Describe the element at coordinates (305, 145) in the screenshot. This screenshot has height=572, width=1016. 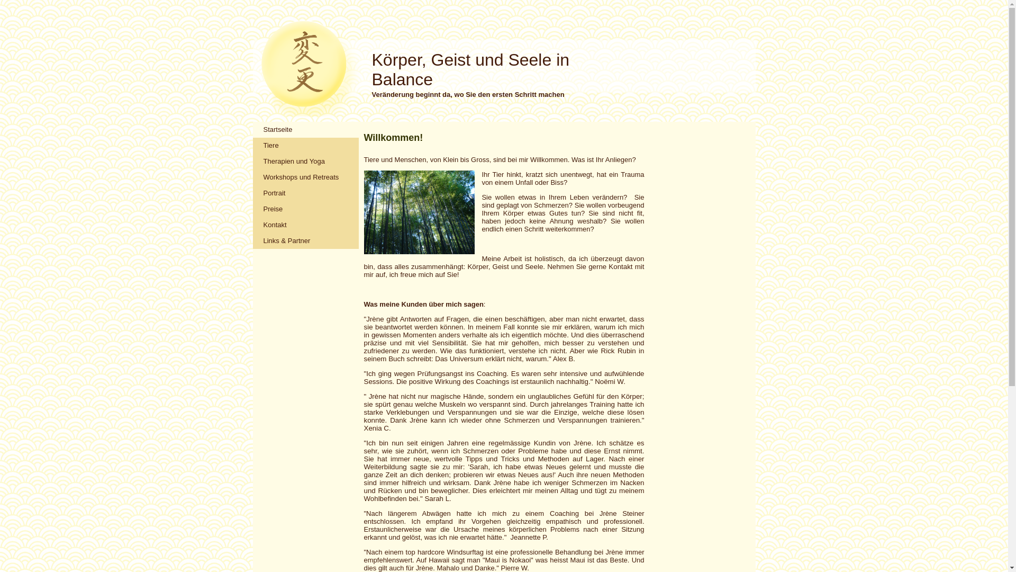
I see `'Tiere'` at that location.